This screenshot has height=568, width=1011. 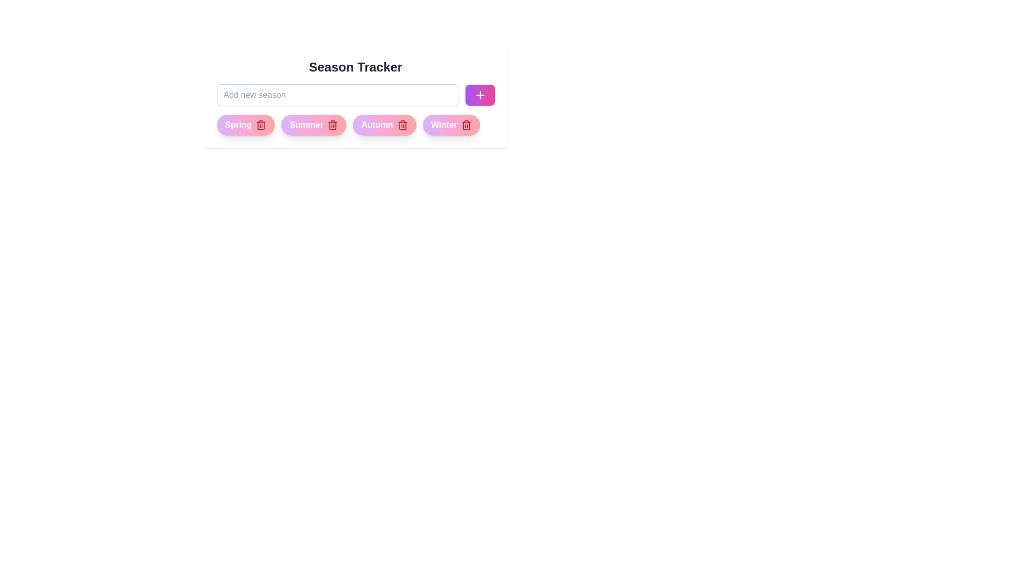 I want to click on the text in the input field to 32, so click(x=338, y=95).